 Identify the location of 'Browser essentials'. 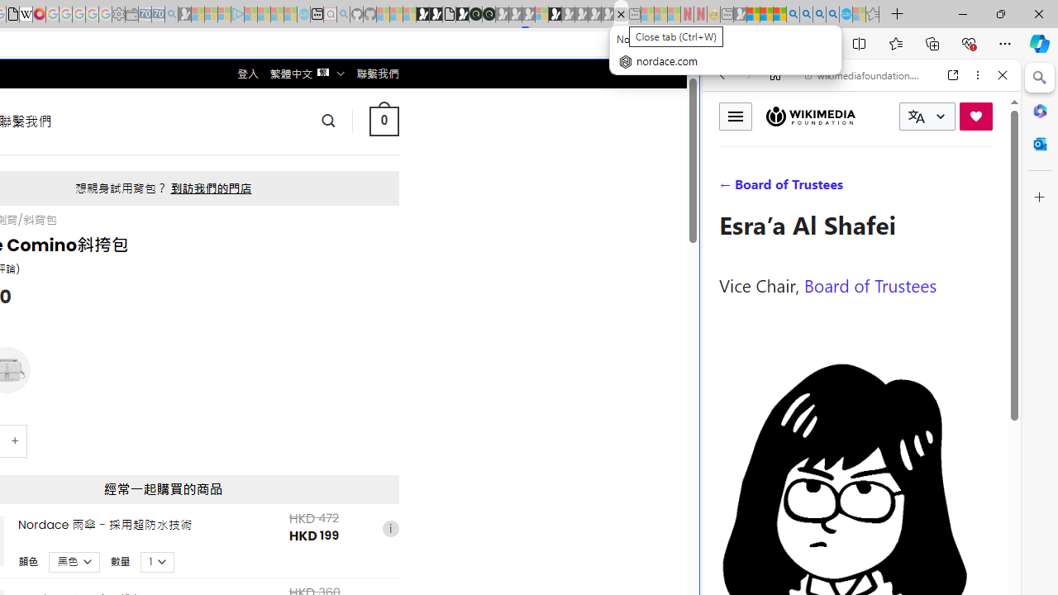
(968, 42).